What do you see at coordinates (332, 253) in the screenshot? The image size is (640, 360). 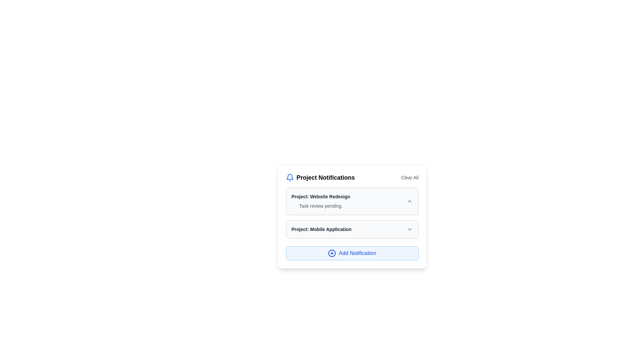 I see `the icon located on the left side of the 'Add Notification' button at the bottom of the notification panel` at bounding box center [332, 253].